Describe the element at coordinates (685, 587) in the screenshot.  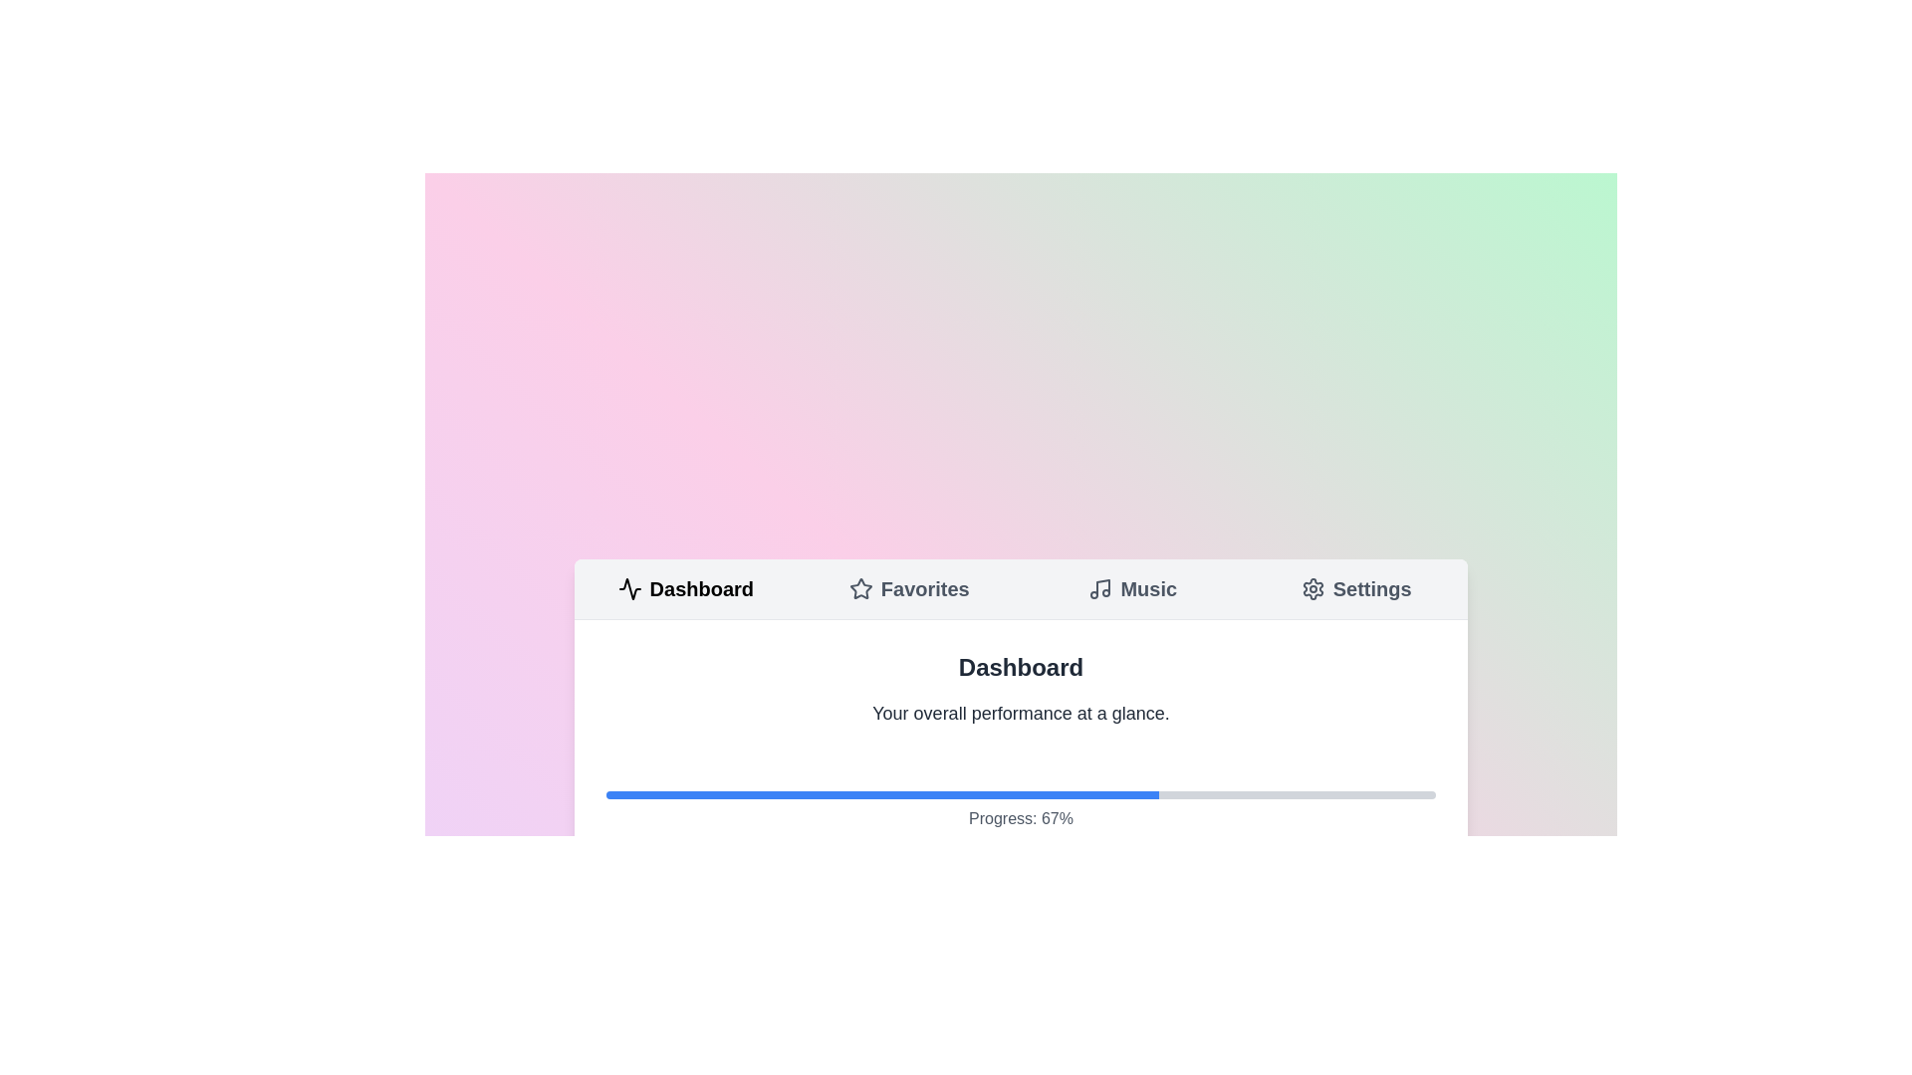
I see `the tab button for Dashboard to observe its state change` at that location.